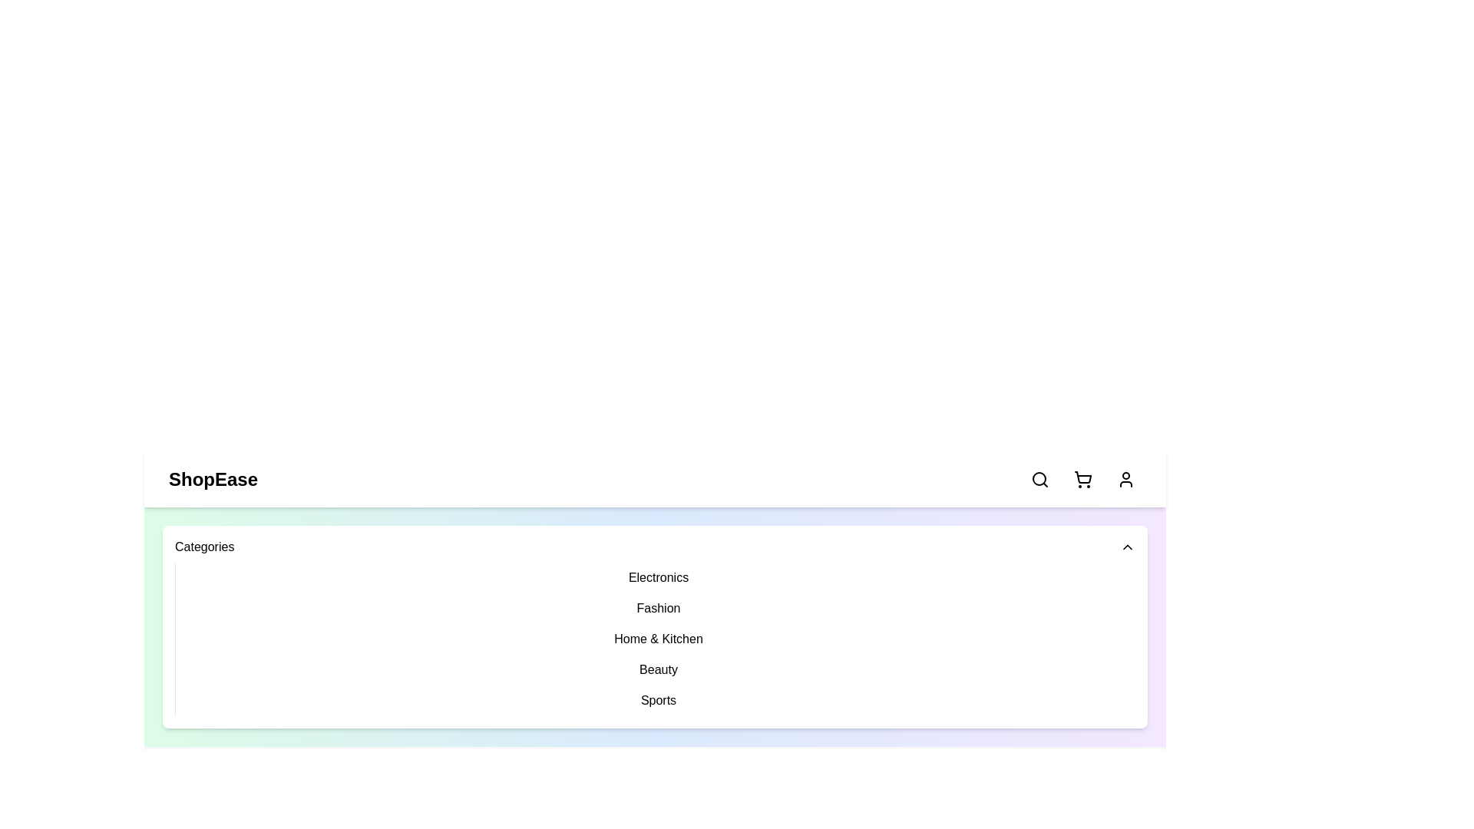  I want to click on the category label for 'Electronics', which is the first item in the list of categories, so click(659, 577).